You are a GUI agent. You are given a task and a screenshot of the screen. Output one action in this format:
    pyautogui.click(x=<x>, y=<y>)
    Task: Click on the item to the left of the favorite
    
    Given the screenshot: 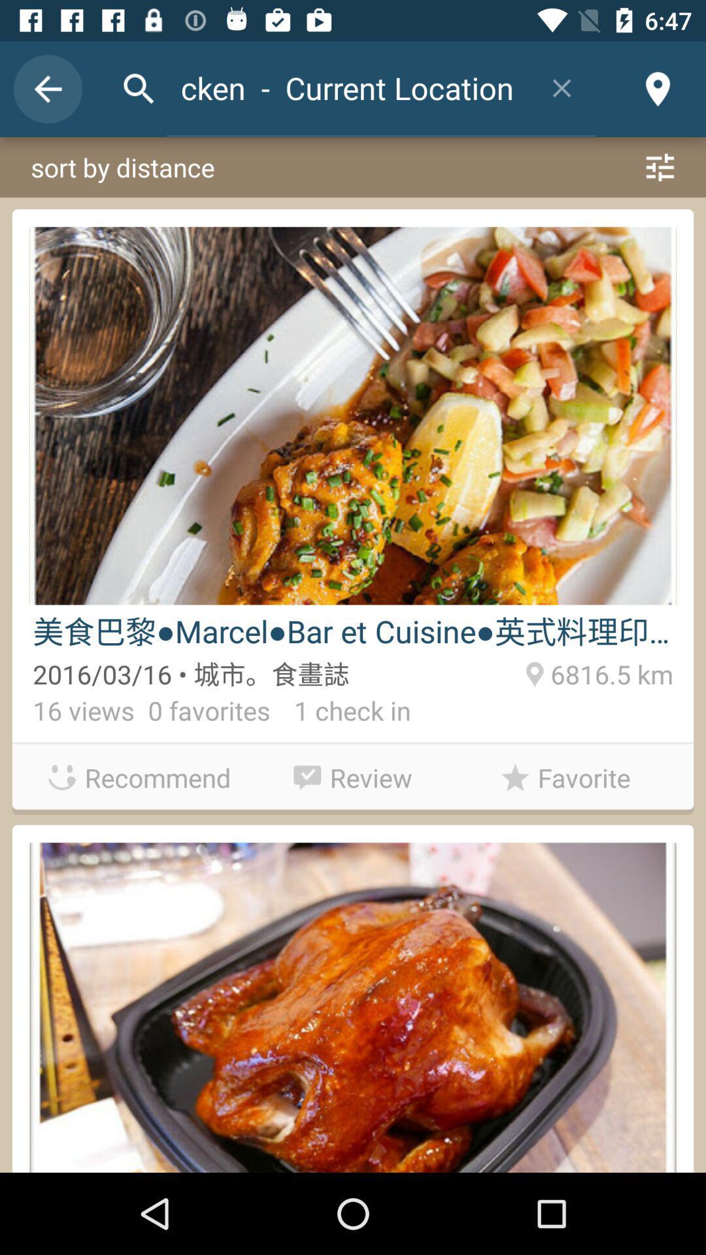 What is the action you would take?
    pyautogui.click(x=353, y=774)
    